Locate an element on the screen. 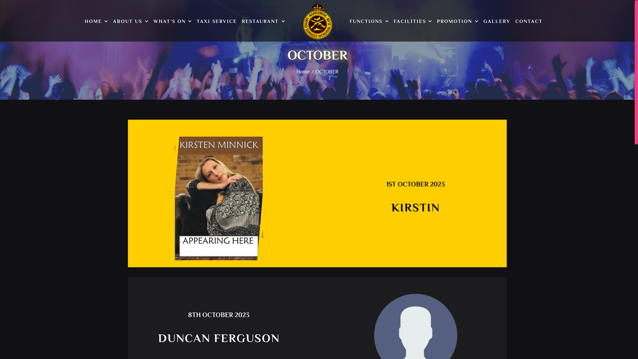 This screenshot has width=638, height=359. 'FACILITIES' is located at coordinates (413, 21).